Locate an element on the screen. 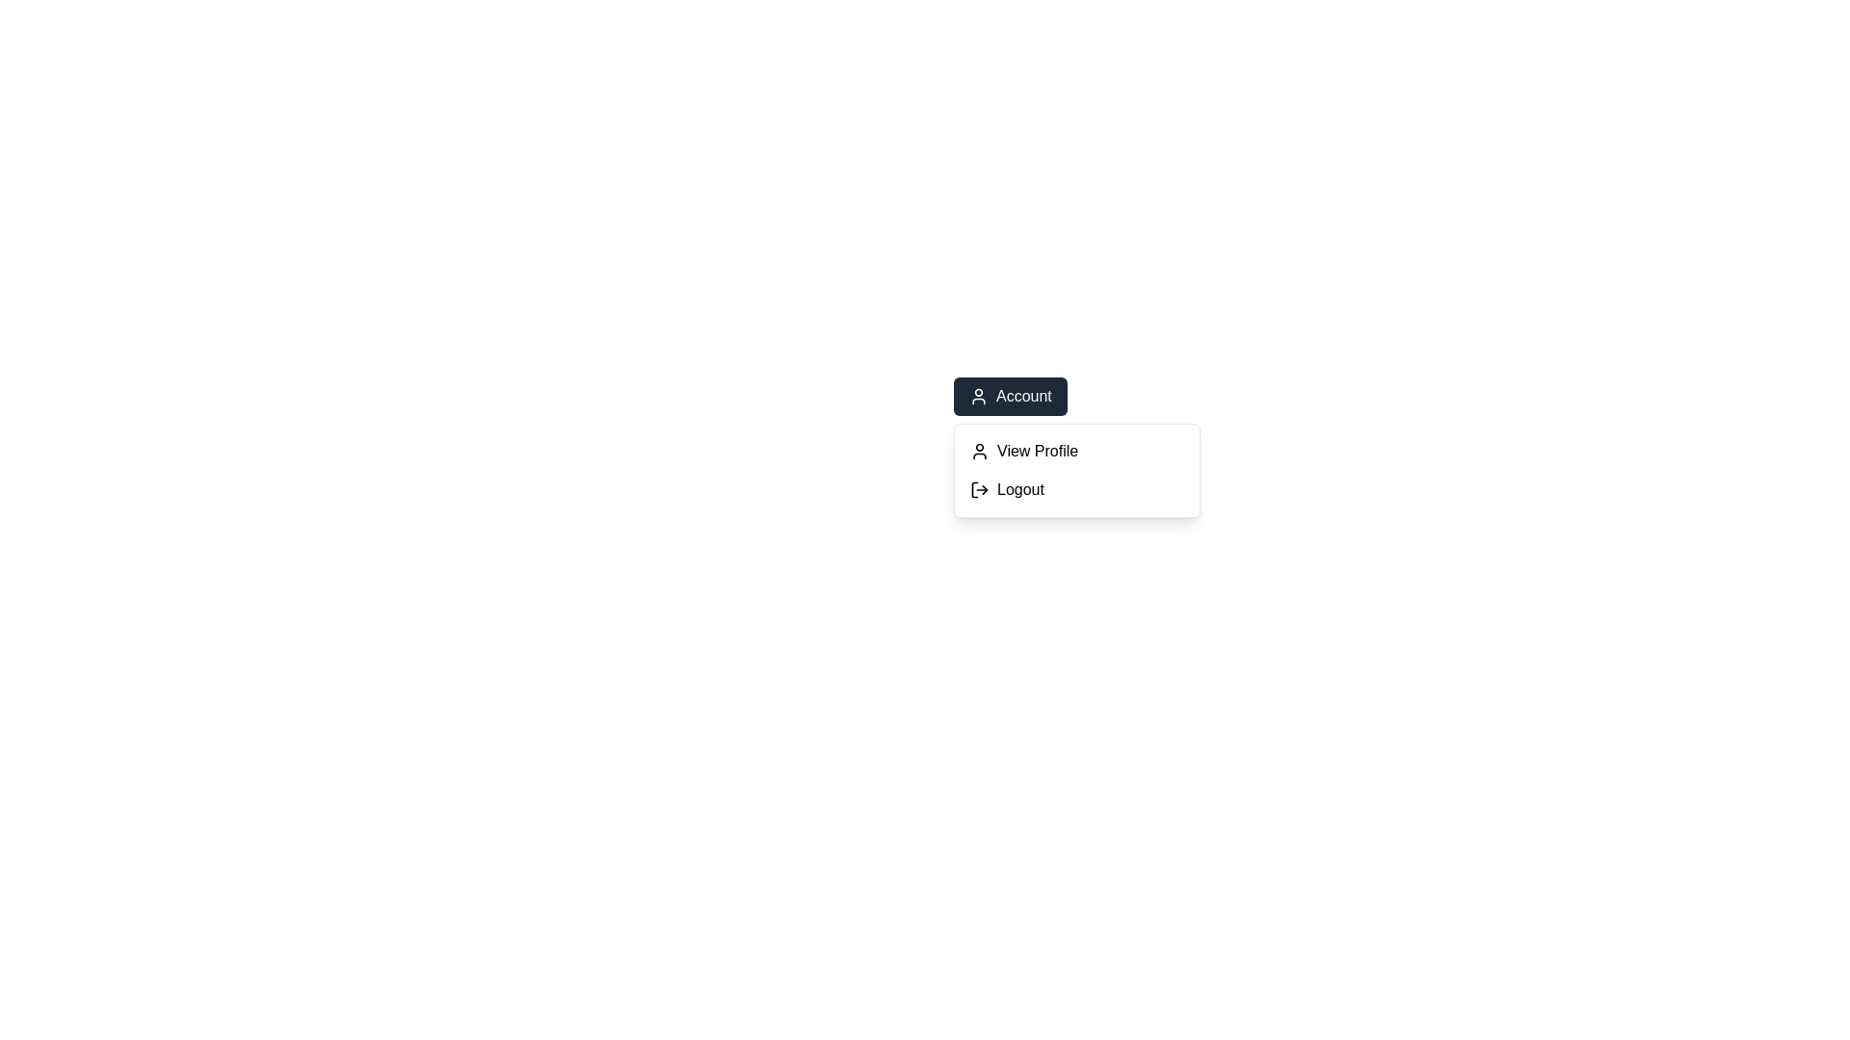  the 'View Profile' text label in the dropdown menu under the 'Account' button is located at coordinates (1037, 452).